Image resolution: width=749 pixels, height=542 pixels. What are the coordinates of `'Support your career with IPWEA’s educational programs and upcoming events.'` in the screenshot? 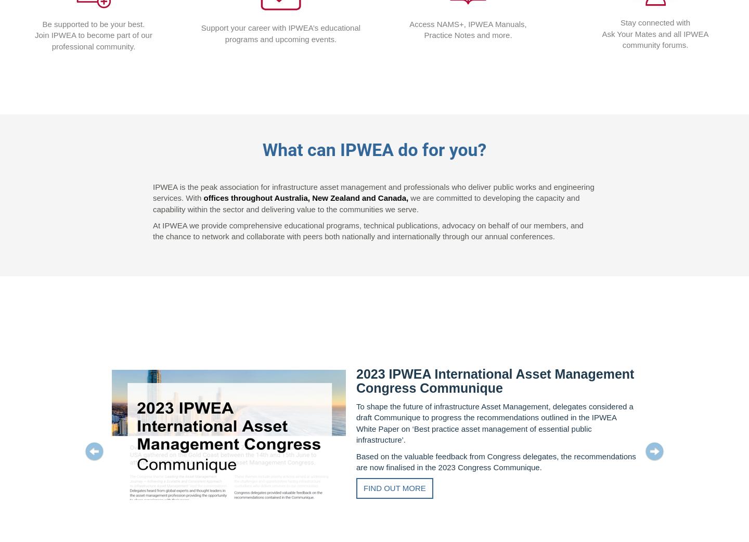 It's located at (200, 32).